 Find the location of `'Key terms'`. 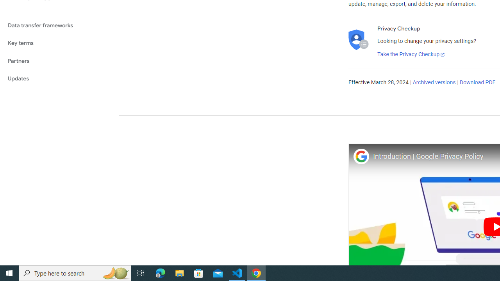

'Key terms' is located at coordinates (59, 43).